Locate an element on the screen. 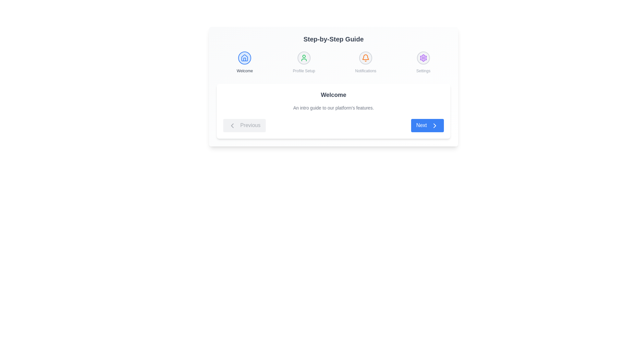 The height and width of the screenshot is (350, 623). the 'Welcome' step icon, which is the first icon in a horizontal sequence at the top of a step-by-step guide interface, directly above the label 'Welcome' is located at coordinates (244, 57).